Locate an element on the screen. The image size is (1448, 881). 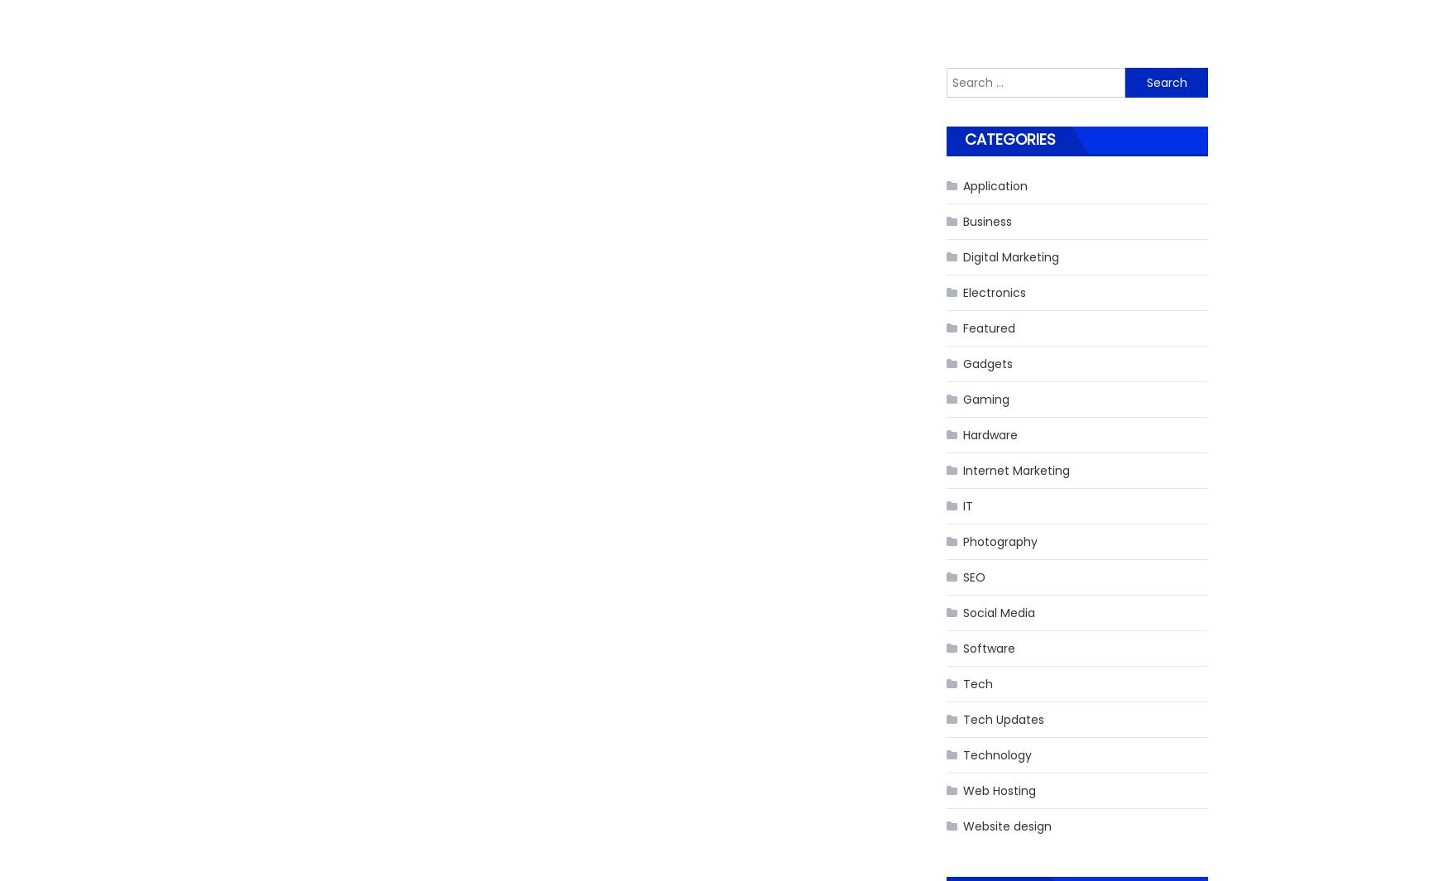
'Gadgets' is located at coordinates (988, 361).